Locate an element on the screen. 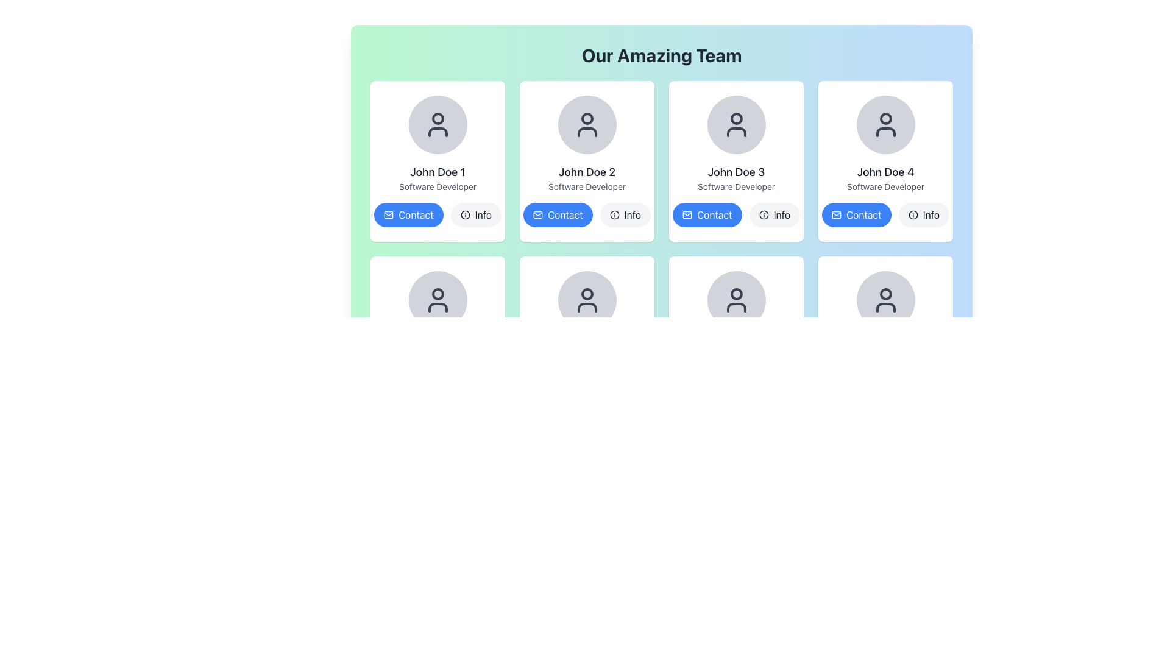 This screenshot has height=658, width=1170. the circular user profile icon representing the avatar of 'John Doe 4', which is positioned at the top-center of the card is located at coordinates (885, 119).